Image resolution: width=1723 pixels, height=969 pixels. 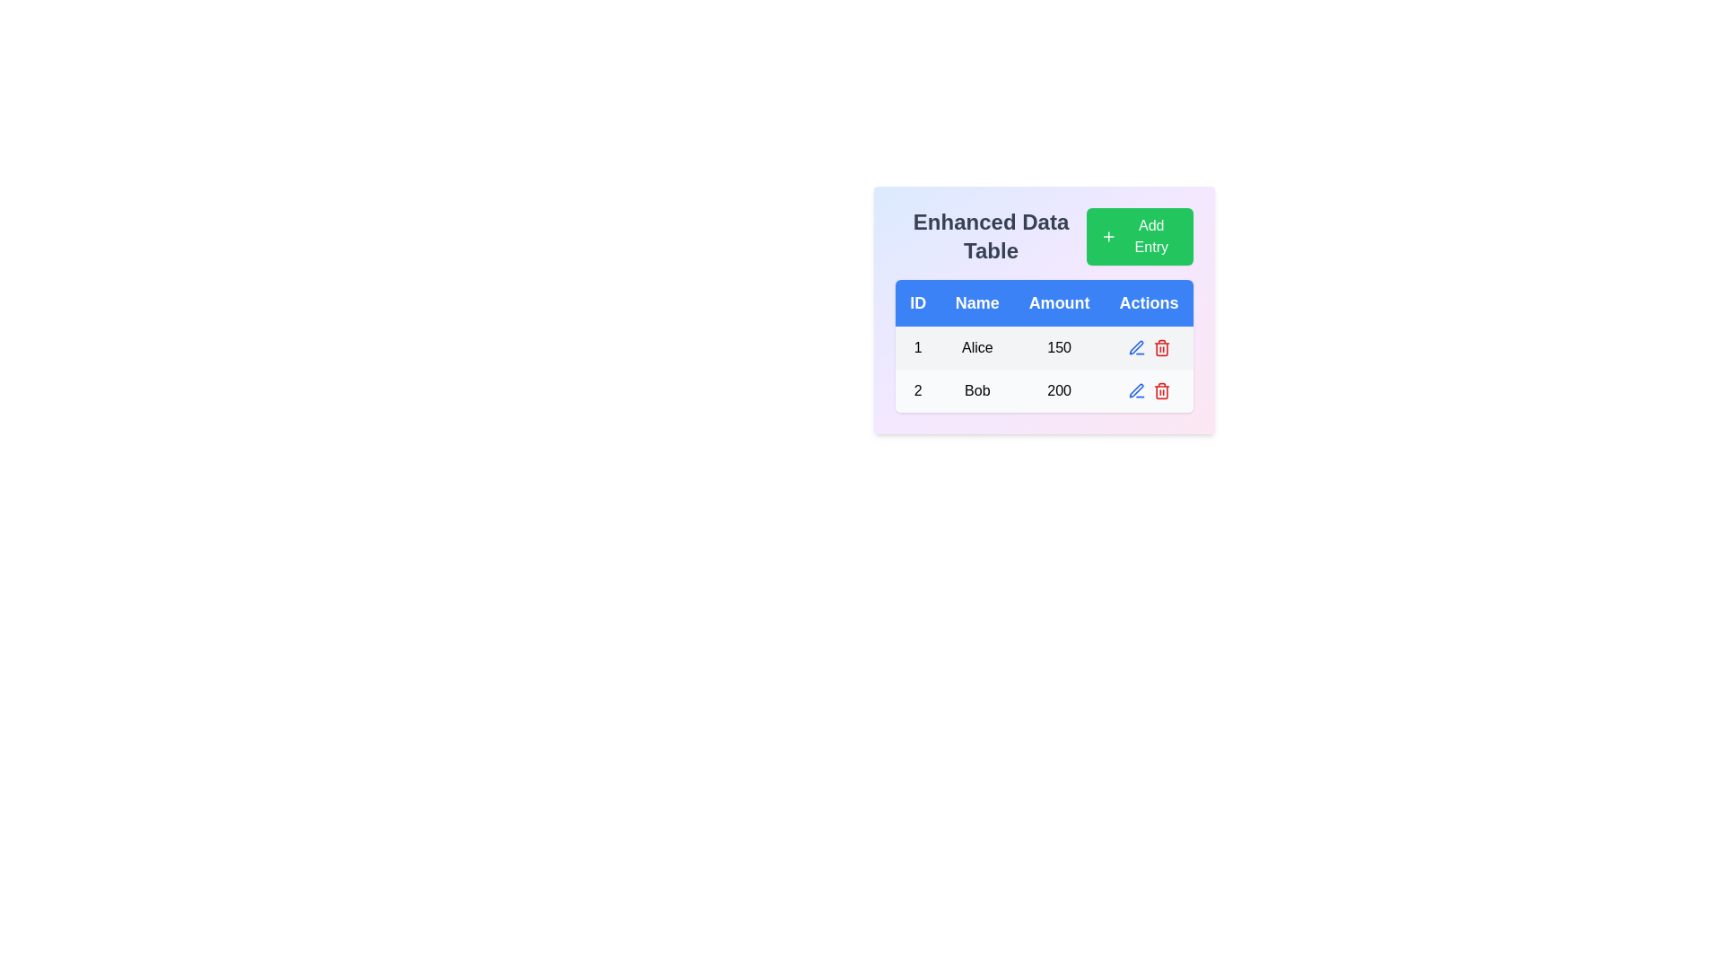 I want to click on the Text Display element that shows the name 'Bob' in the second column of the second row of the table, so click(x=976, y=389).